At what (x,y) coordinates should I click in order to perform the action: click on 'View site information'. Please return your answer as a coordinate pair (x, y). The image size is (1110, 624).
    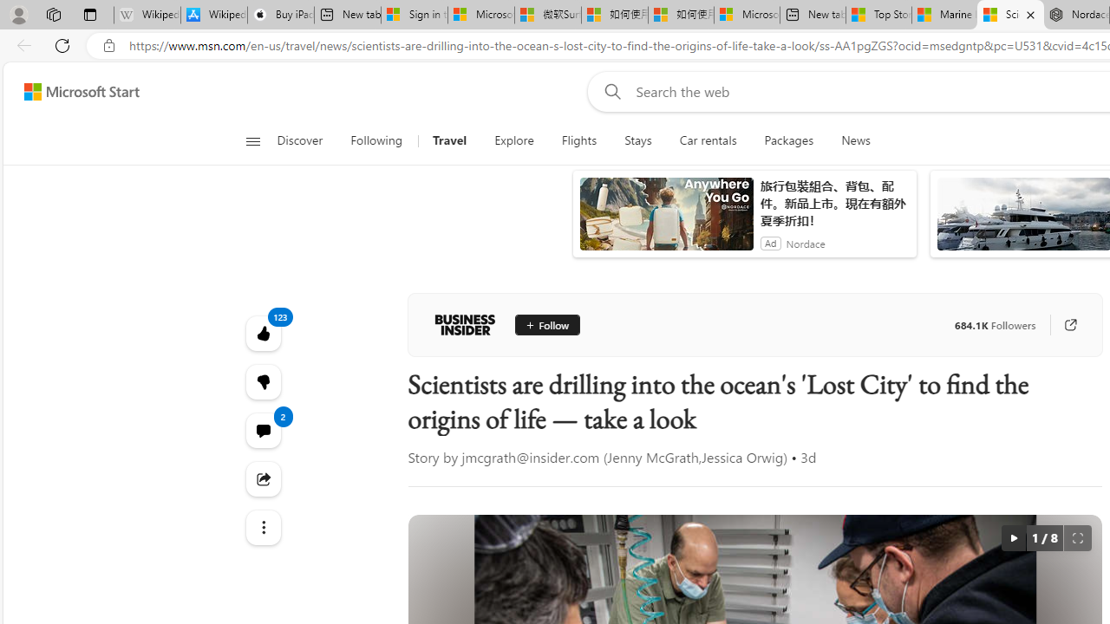
    Looking at the image, I should click on (108, 45).